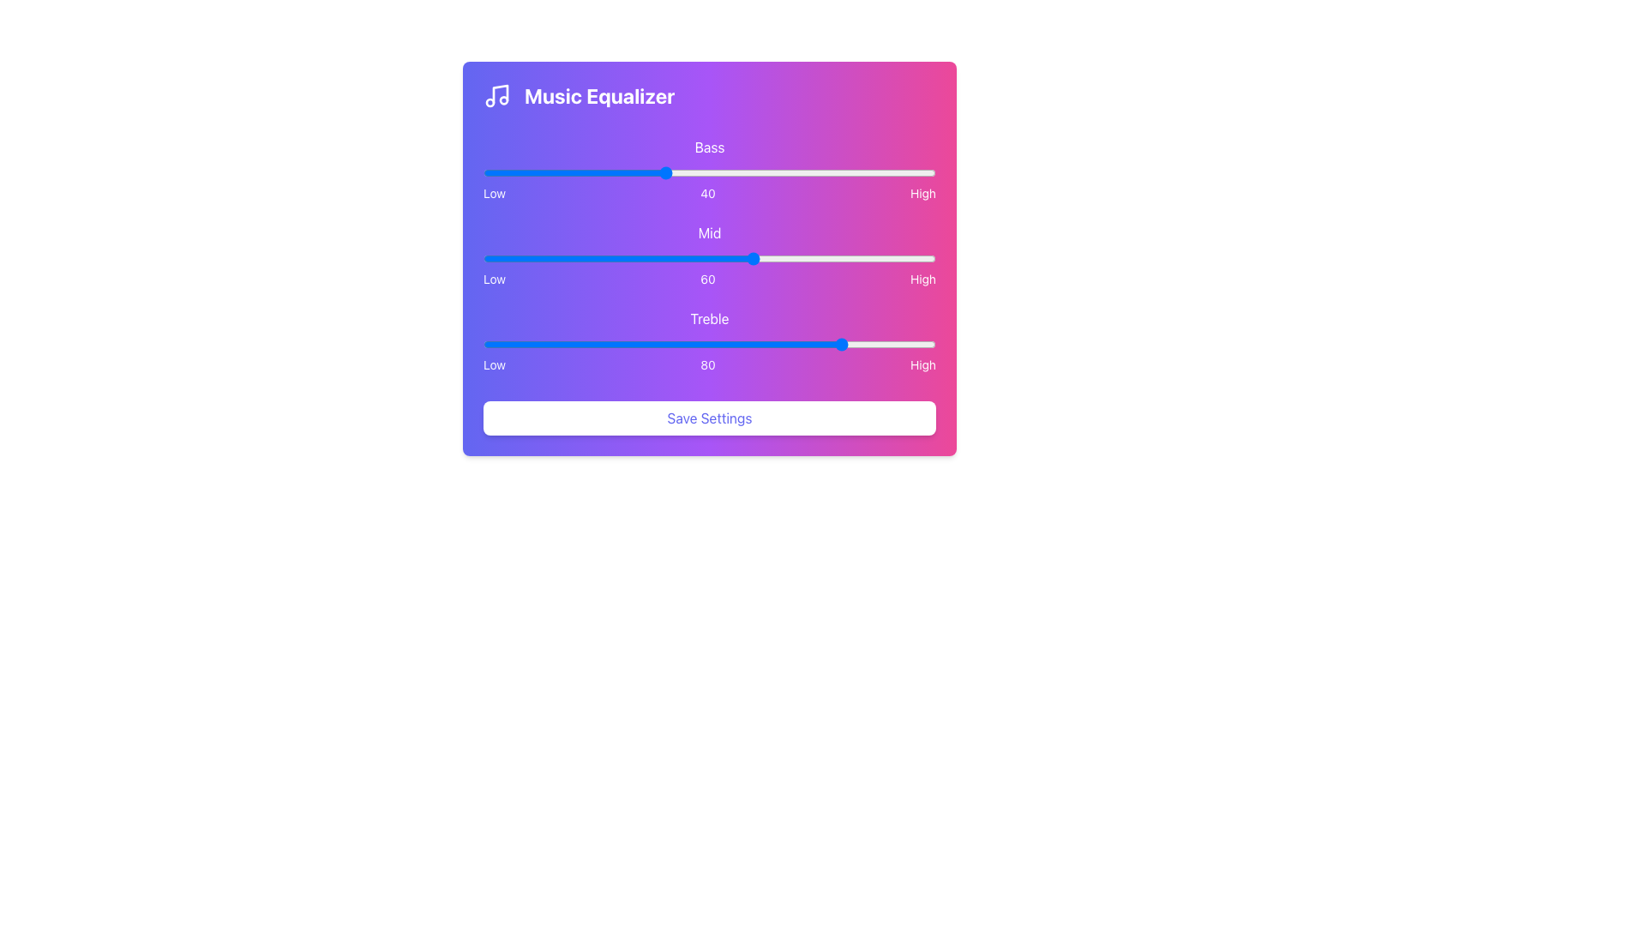 The width and height of the screenshot is (1646, 926). What do you see at coordinates (496, 258) in the screenshot?
I see `mid-range frequency` at bounding box center [496, 258].